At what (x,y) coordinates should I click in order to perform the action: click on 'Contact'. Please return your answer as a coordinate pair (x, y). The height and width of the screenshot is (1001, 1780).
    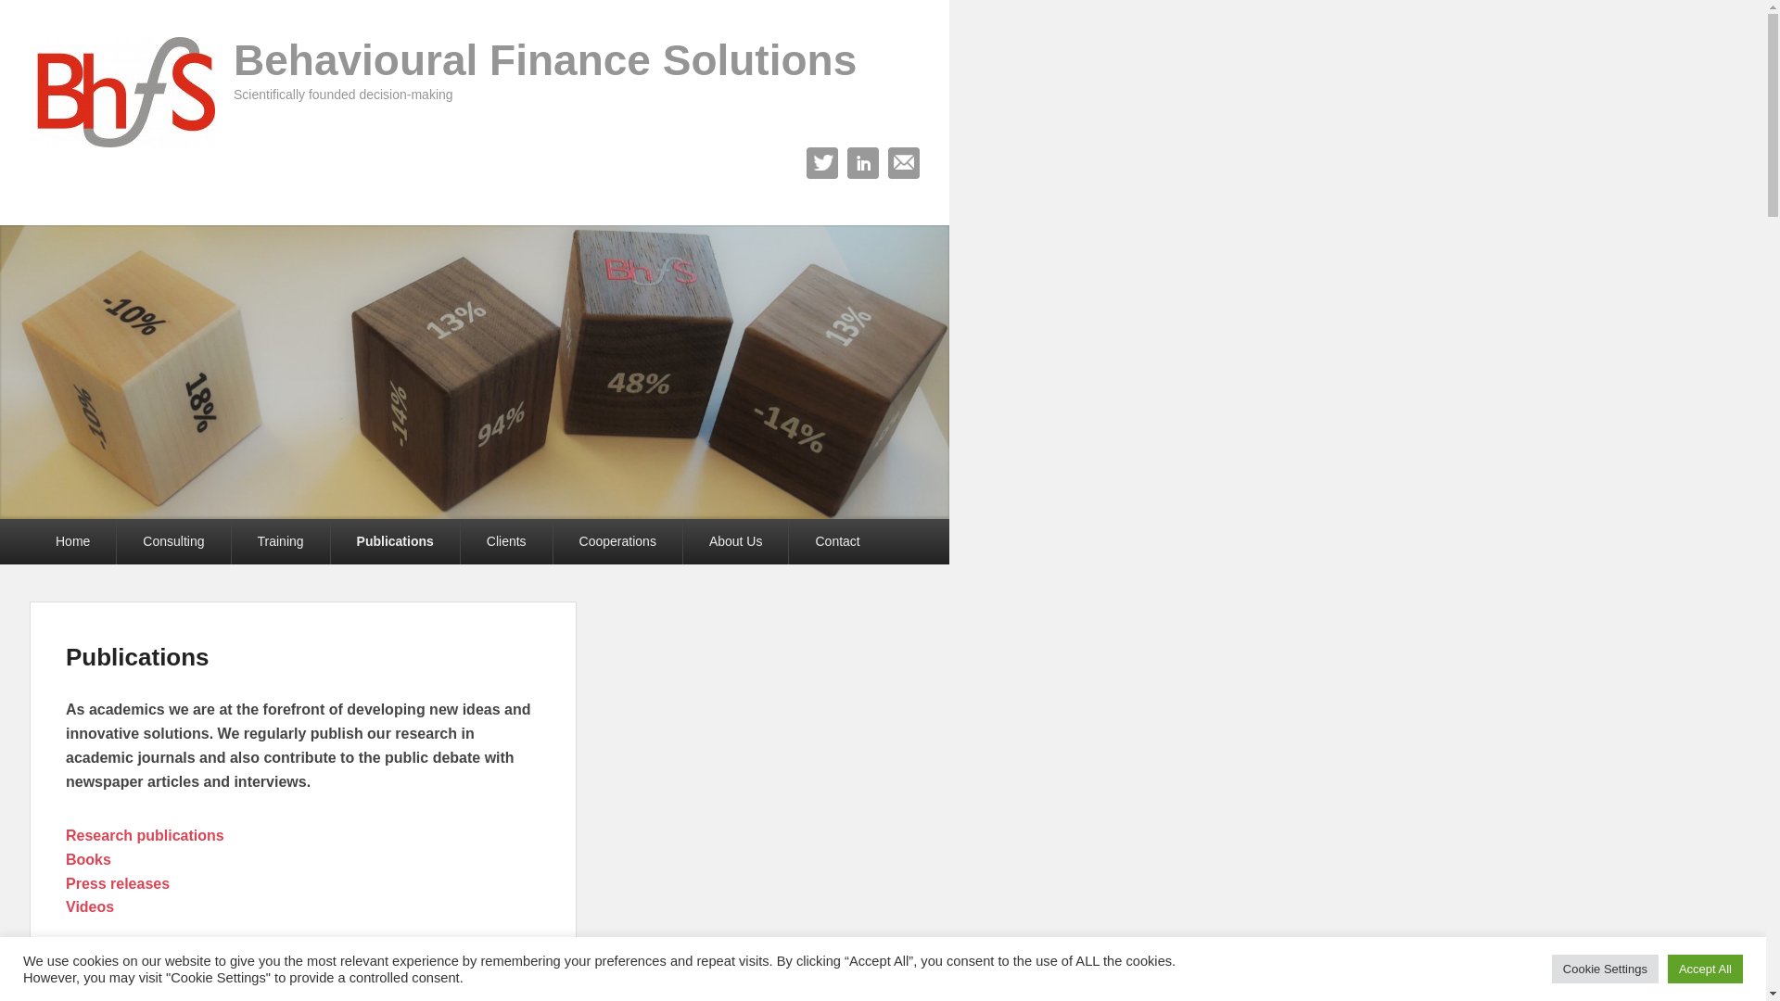
    Looking at the image, I should click on (835, 541).